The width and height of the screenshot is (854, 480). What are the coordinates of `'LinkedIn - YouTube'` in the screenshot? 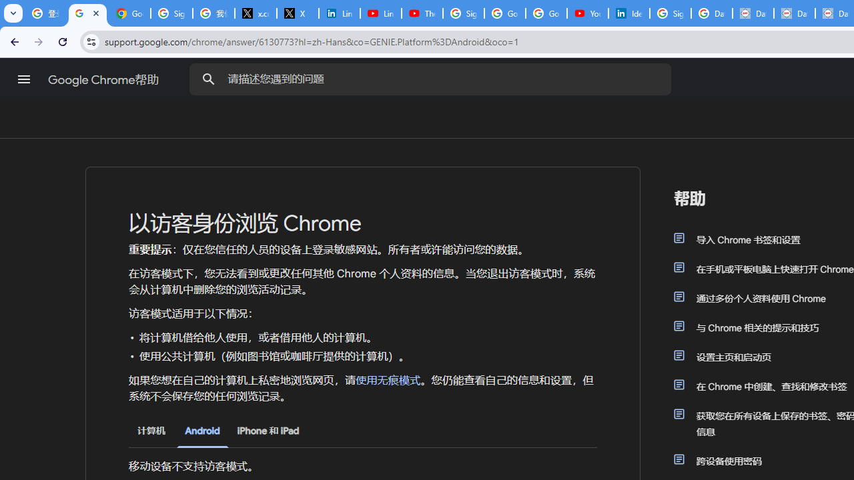 It's located at (380, 13).